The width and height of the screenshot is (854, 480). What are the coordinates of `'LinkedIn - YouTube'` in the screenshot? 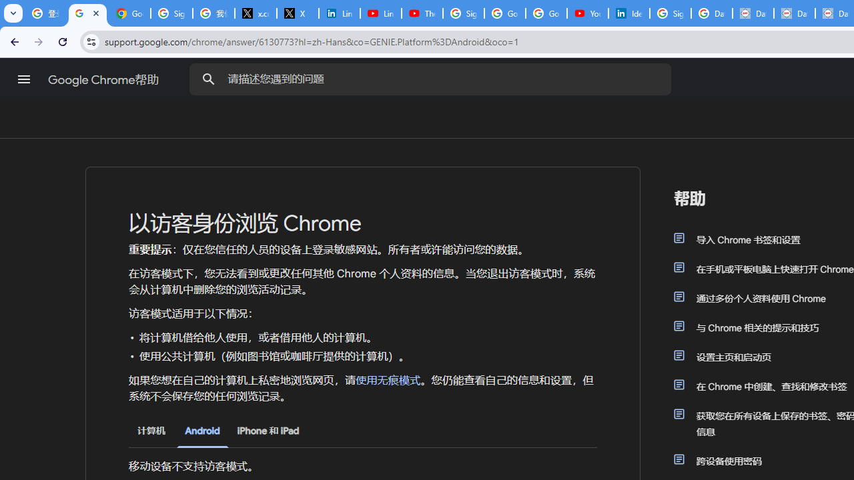 It's located at (380, 13).